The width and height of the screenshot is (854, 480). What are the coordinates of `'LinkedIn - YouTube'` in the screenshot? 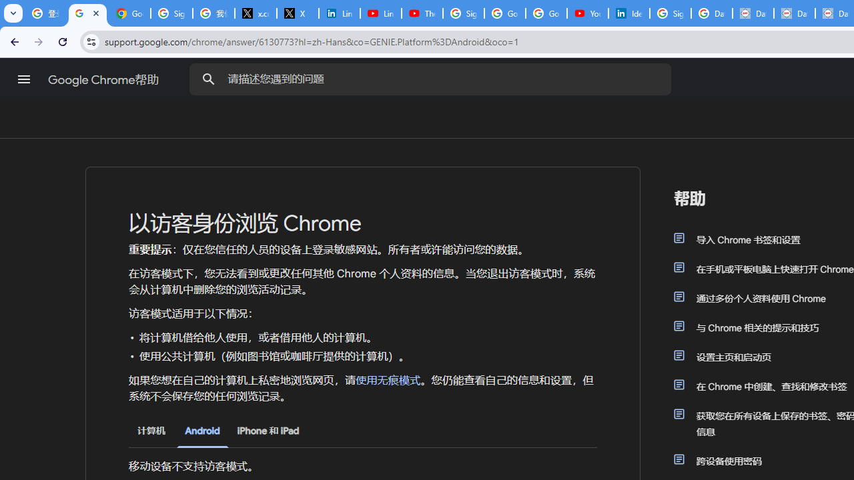 It's located at (380, 13).